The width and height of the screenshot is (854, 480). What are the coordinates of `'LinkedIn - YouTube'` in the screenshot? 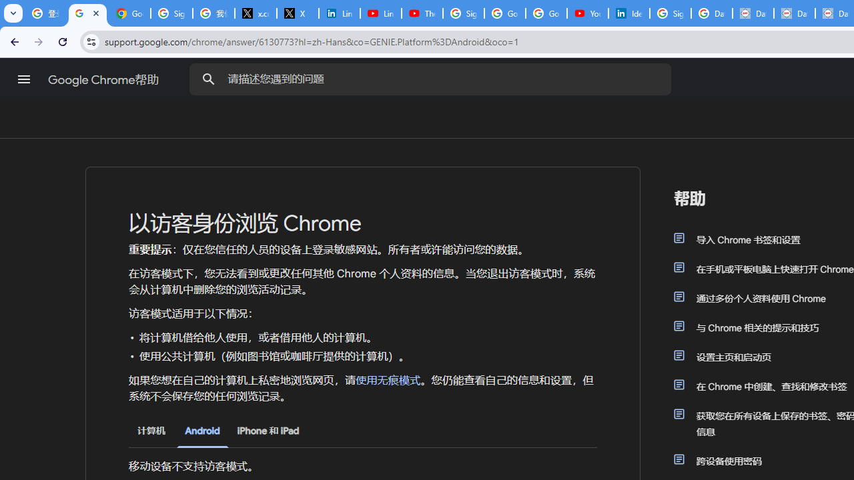 It's located at (380, 13).